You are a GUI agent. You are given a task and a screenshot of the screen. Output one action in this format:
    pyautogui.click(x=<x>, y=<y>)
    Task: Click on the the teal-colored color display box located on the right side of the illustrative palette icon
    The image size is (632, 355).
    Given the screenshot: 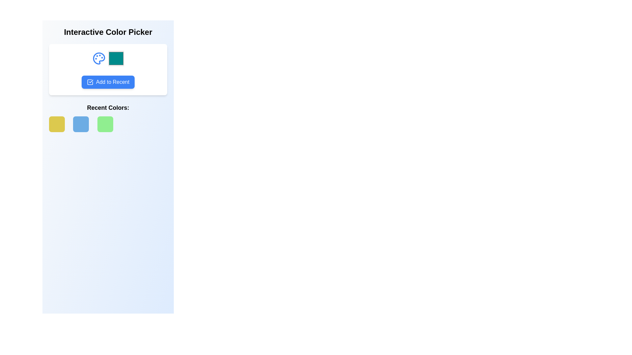 What is the action you would take?
    pyautogui.click(x=108, y=58)
    